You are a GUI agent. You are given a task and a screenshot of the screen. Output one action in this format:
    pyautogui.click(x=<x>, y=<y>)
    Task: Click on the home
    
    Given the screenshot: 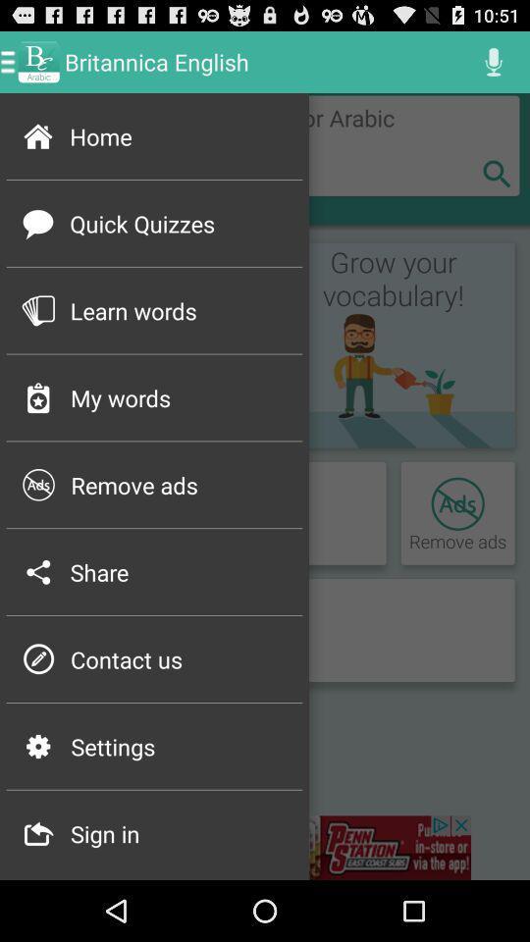 What is the action you would take?
    pyautogui.click(x=263, y=144)
    